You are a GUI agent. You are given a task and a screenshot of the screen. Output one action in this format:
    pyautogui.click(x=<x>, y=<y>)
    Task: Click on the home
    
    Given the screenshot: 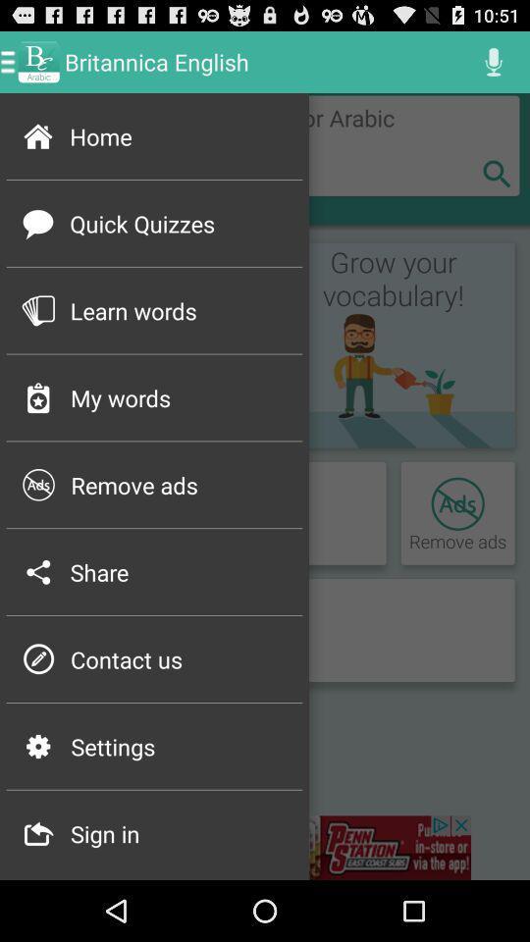 What is the action you would take?
    pyautogui.click(x=263, y=144)
    